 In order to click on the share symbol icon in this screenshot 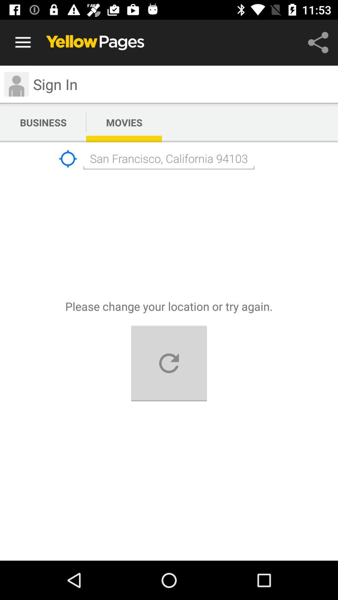, I will do `click(318, 42)`.